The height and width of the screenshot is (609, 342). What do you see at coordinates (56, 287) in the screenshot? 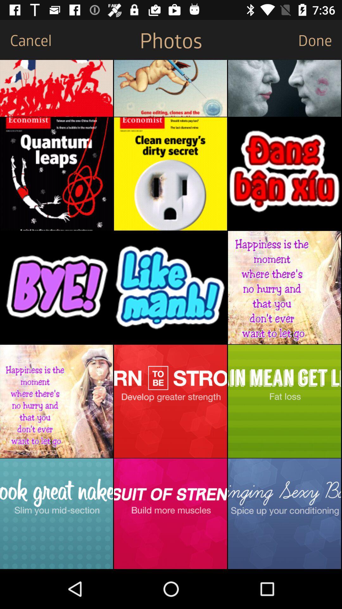
I see `photo` at bounding box center [56, 287].